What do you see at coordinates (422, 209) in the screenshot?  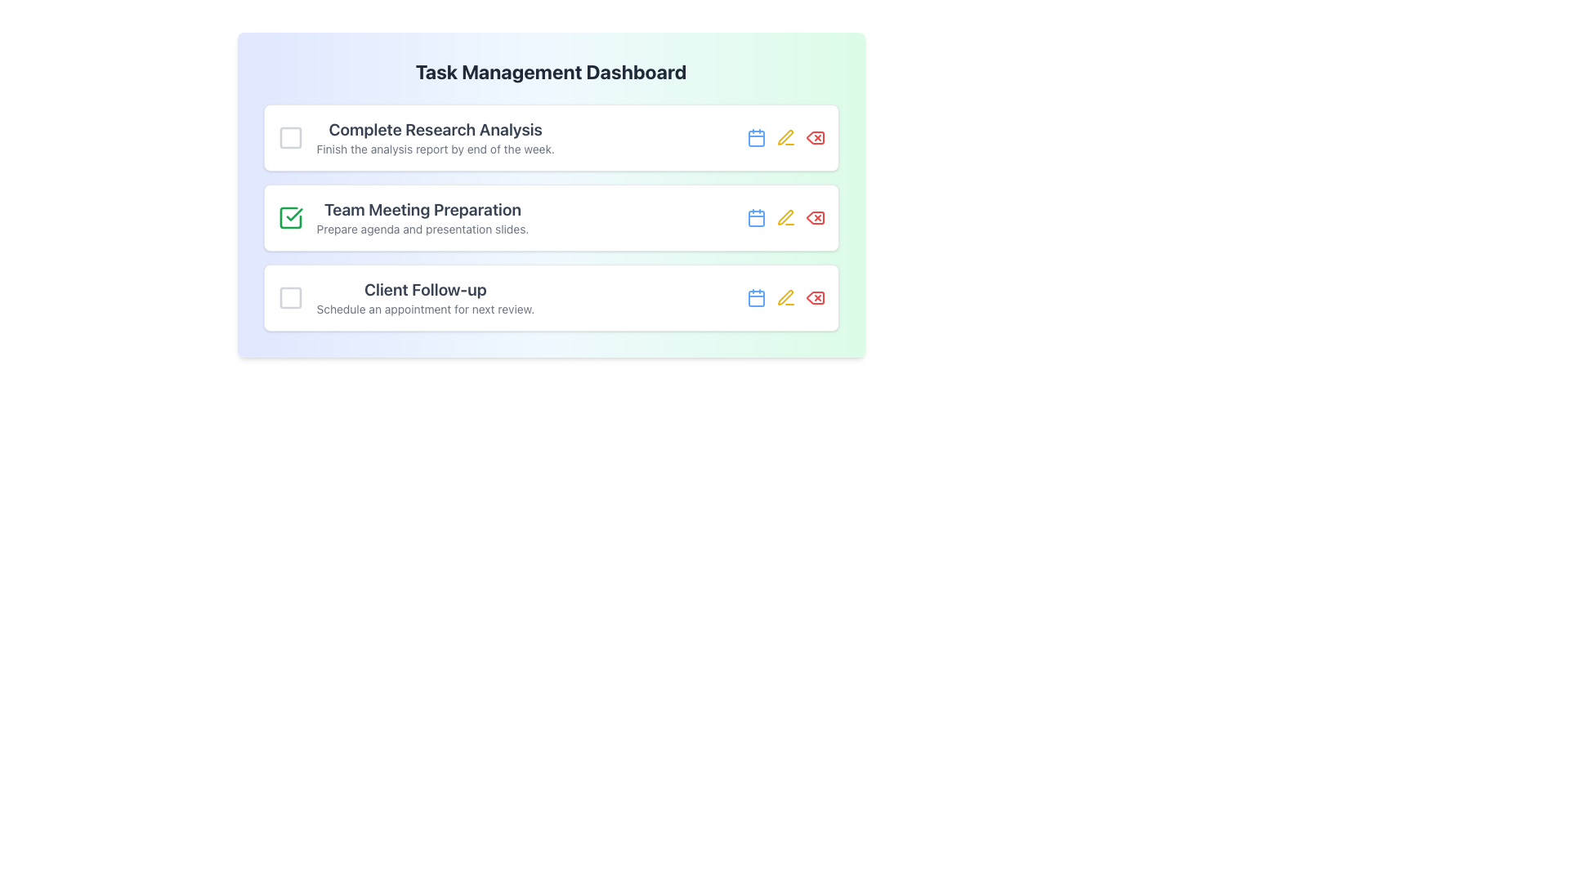 I see `the task 'Team Meeting Preparation' by reading its description from the text label located centrally within the task management interface, above a smaller descriptive text and aligned with a green checkbox icon` at bounding box center [422, 209].